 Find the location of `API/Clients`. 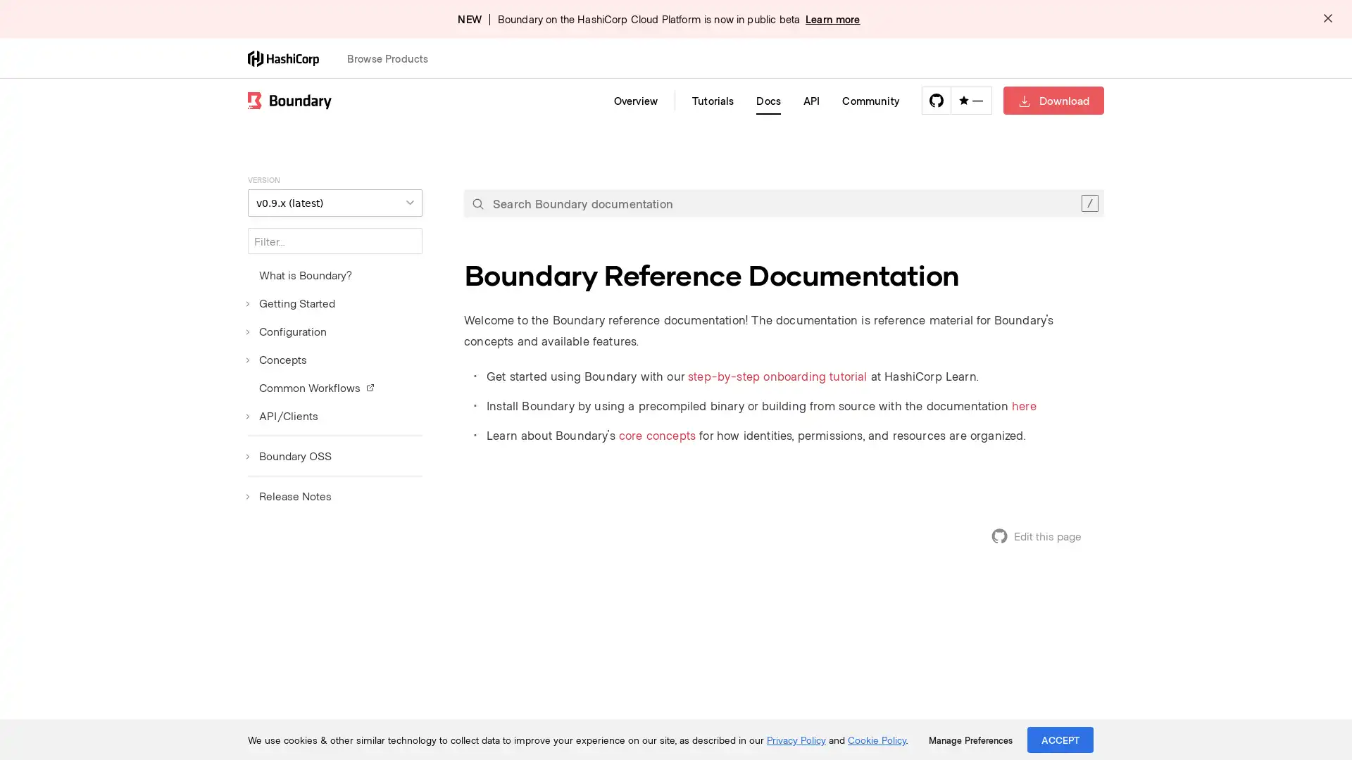

API/Clients is located at coordinates (282, 414).